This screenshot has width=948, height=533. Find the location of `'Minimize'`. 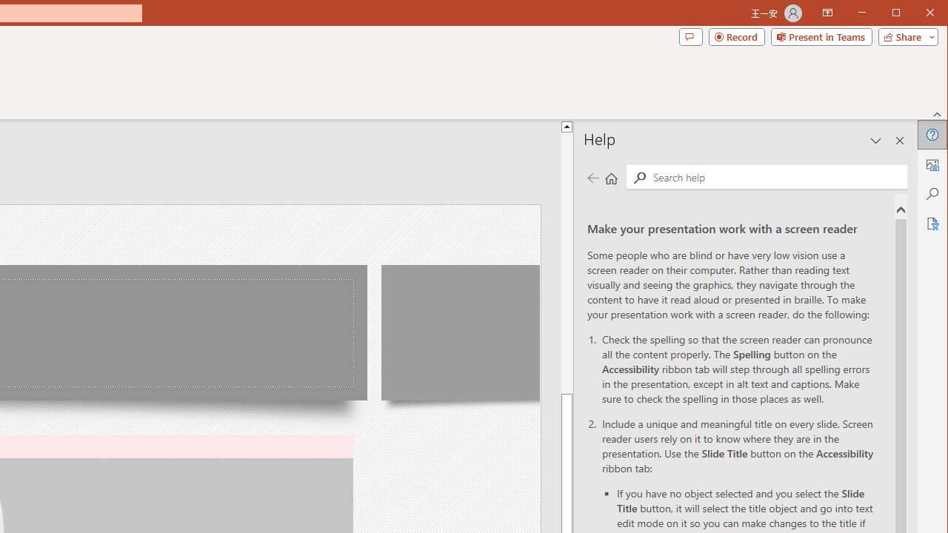

'Minimize' is located at coordinates (900, 14).